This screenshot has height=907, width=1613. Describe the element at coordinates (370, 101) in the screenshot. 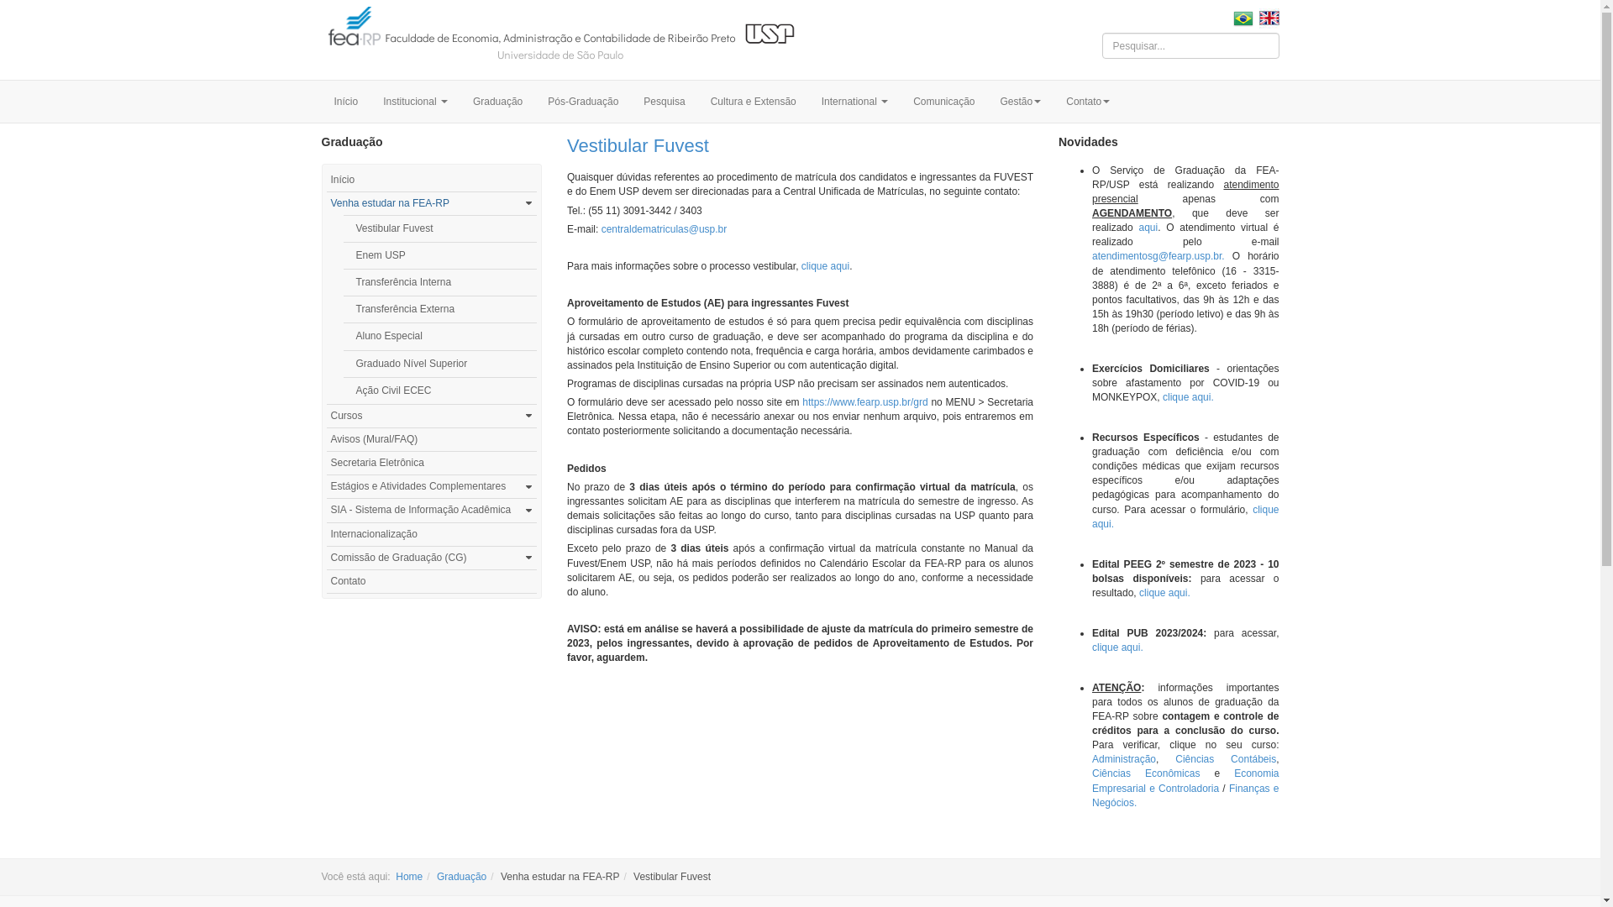

I see `'Institucional'` at that location.